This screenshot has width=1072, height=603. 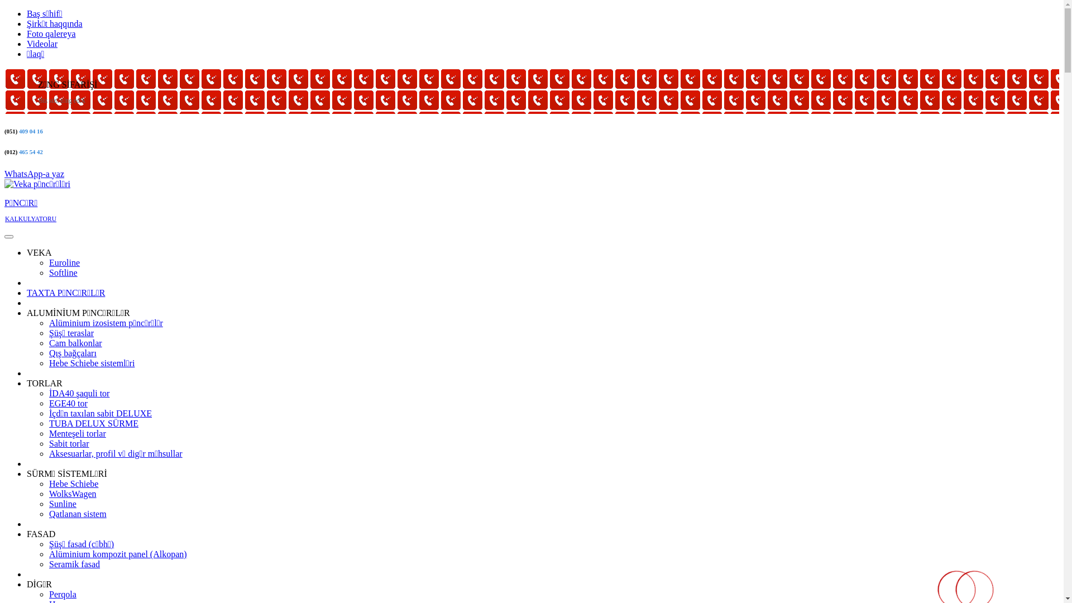 What do you see at coordinates (63, 272) in the screenshot?
I see `'Softline'` at bounding box center [63, 272].